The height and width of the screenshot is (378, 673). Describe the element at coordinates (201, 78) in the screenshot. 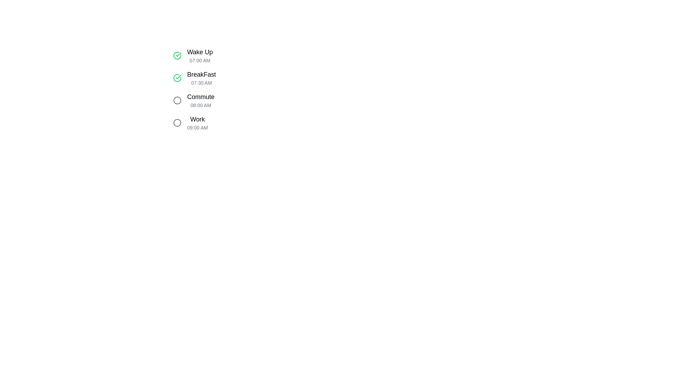

I see `the Text Display showing 'BreakFast' with '07:30 AM' underneath it, which is the second item in a vertical list` at that location.